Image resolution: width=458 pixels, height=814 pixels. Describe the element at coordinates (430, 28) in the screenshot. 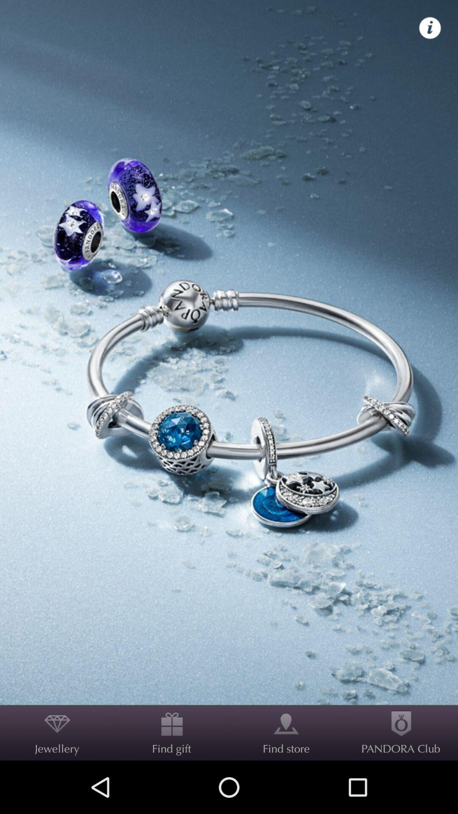

I see `more info` at that location.